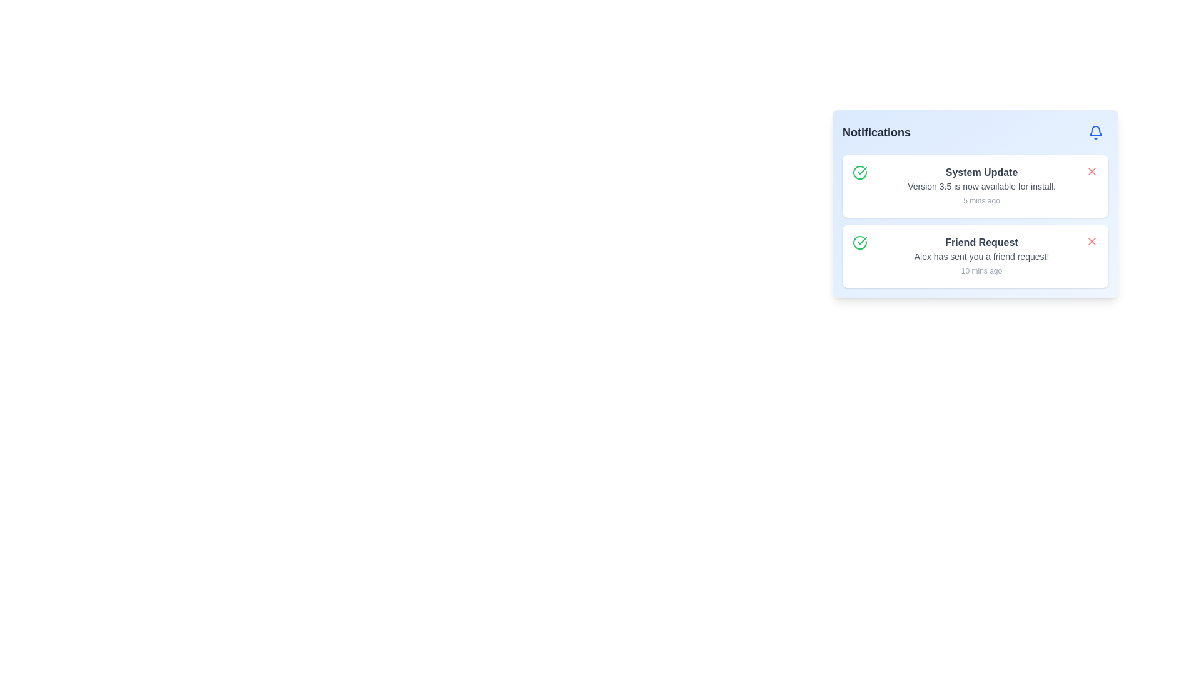  I want to click on the static text label displaying '10 mins ago', which is located below the 'Friend Request' text in the notification card, so click(981, 270).